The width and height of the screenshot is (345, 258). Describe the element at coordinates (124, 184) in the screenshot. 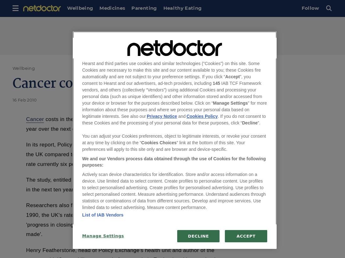

I see `'The study, entitled the Cost of Cancer, claims that the cost will rise substantially in the next ten years.'` at that location.